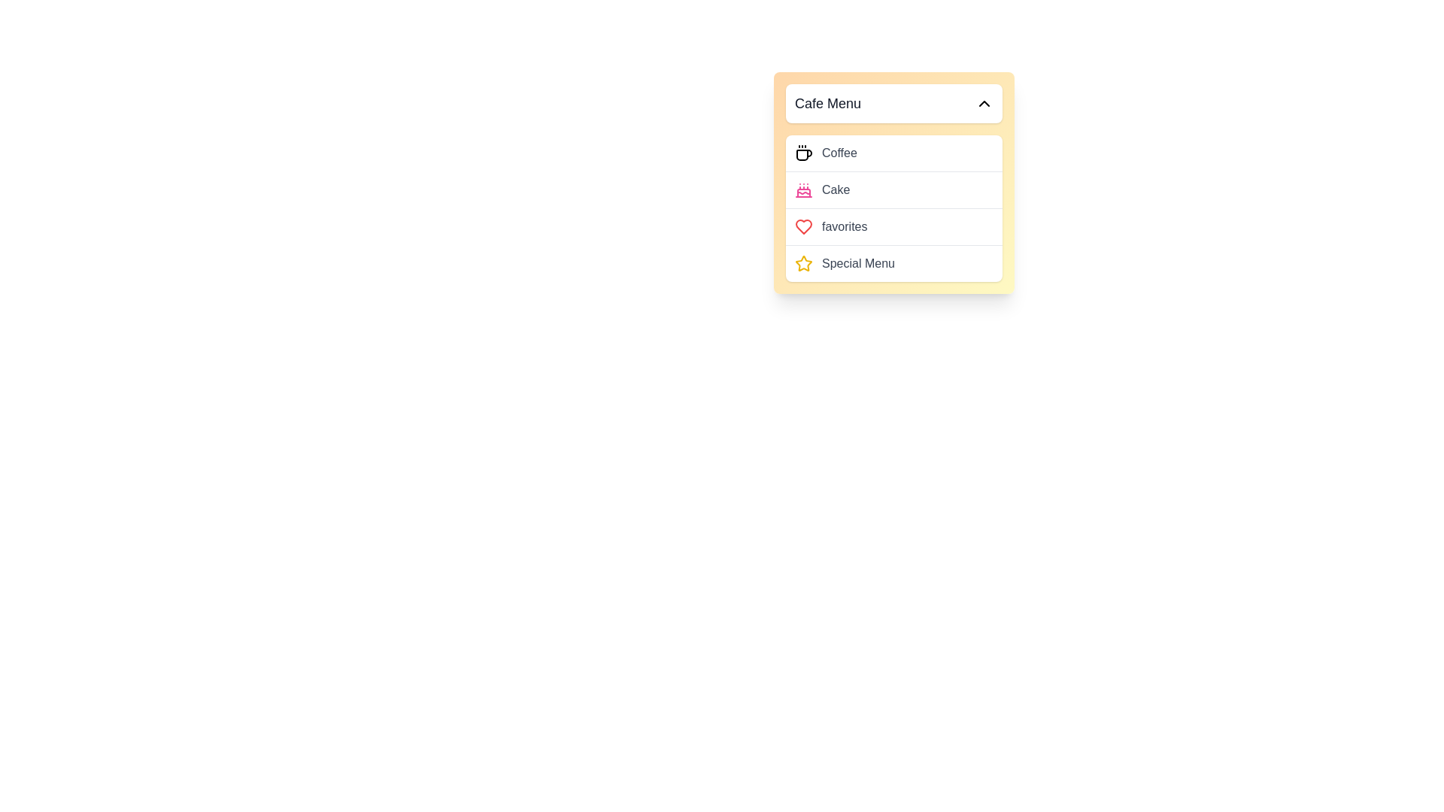 The width and height of the screenshot is (1444, 812). Describe the element at coordinates (894, 262) in the screenshot. I see `the 'Special Menu' item in the dropdown menu using keyboard navigation` at that location.